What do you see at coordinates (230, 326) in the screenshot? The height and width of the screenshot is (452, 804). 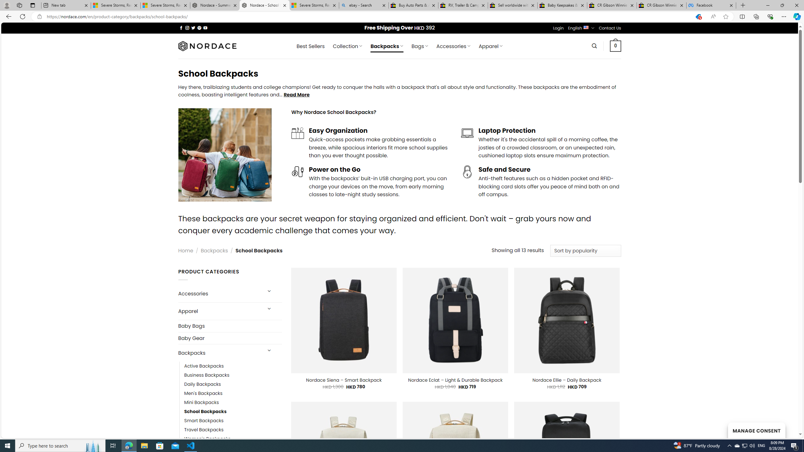 I see `'Baby Bags'` at bounding box center [230, 326].